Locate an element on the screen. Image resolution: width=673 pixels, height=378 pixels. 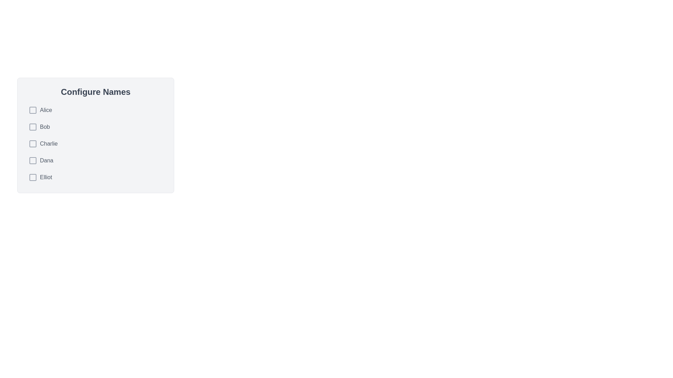
the text label 'Alice' which is aligned with the adjacent checkbox in the 'Configure Names' list to focus on it is located at coordinates (46, 110).